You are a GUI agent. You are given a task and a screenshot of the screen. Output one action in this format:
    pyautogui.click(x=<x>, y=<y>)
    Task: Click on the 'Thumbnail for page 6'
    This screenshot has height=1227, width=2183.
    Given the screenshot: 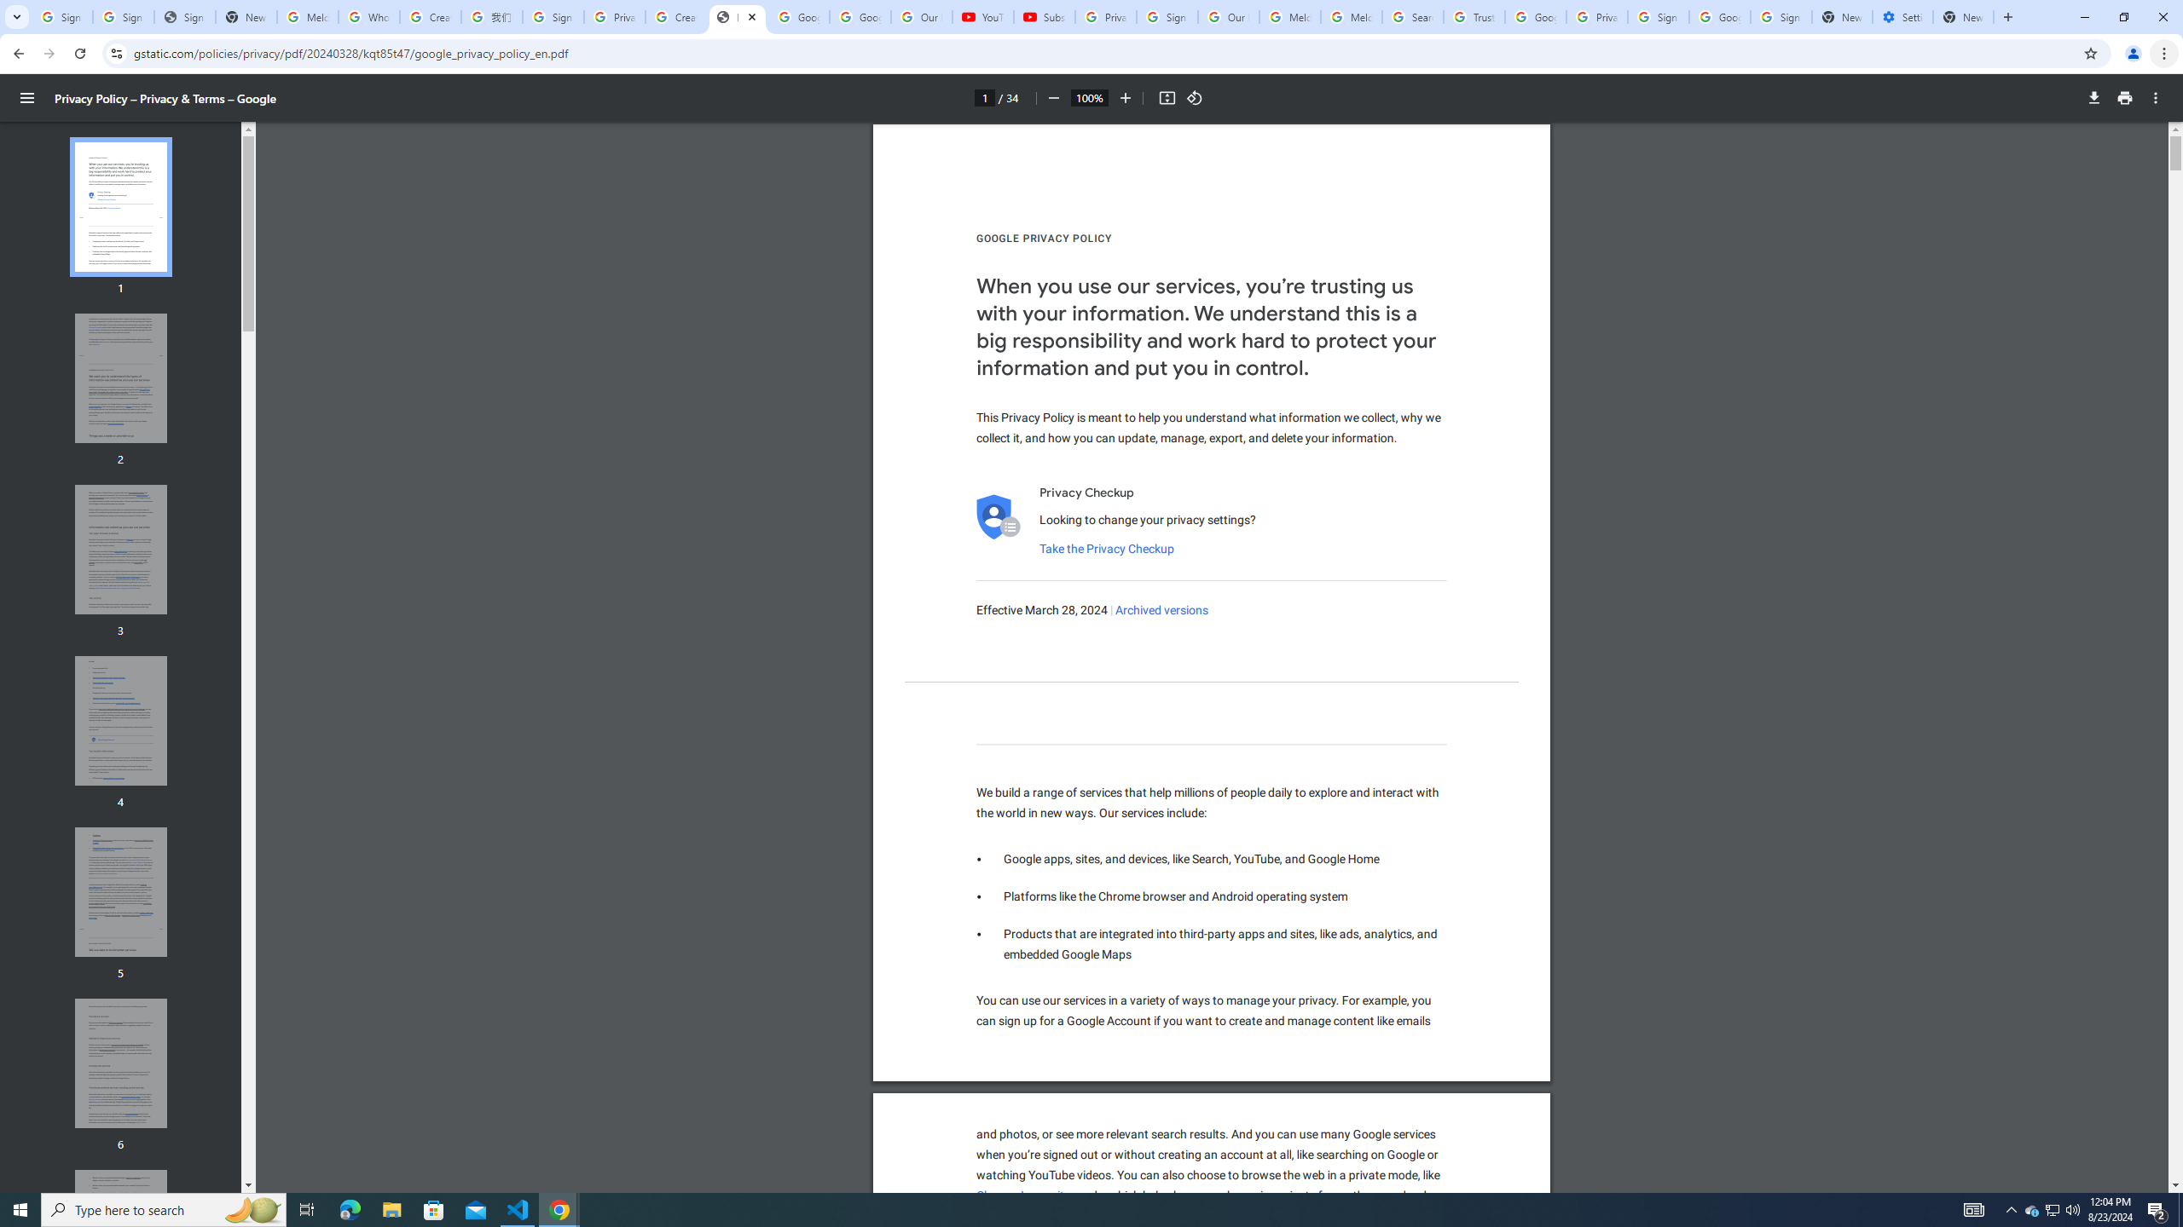 What is the action you would take?
    pyautogui.click(x=121, y=1063)
    